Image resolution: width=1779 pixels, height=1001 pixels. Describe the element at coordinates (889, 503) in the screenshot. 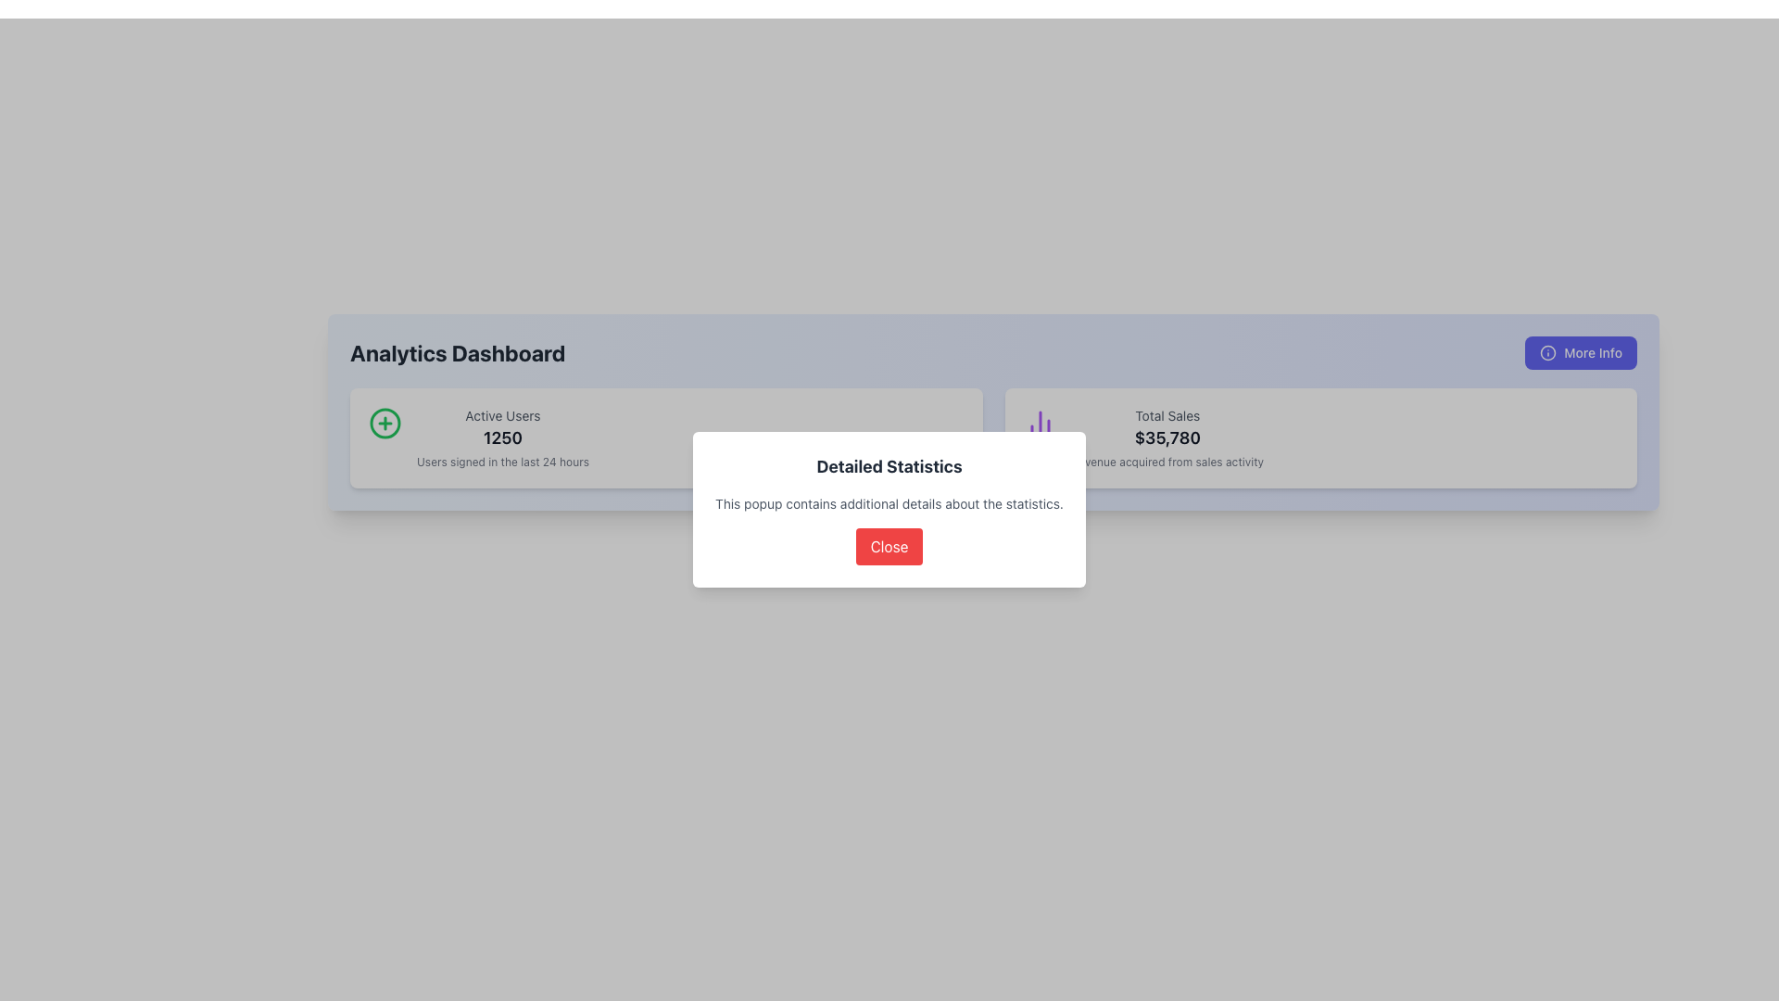

I see `the text element that provides descriptive information in the popup titled 'Detailed Statistics', located below the title and above the Close button` at that location.